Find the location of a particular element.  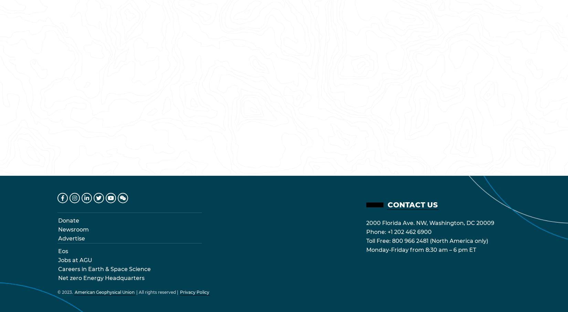

'Contact Us' is located at coordinates (413, 204).